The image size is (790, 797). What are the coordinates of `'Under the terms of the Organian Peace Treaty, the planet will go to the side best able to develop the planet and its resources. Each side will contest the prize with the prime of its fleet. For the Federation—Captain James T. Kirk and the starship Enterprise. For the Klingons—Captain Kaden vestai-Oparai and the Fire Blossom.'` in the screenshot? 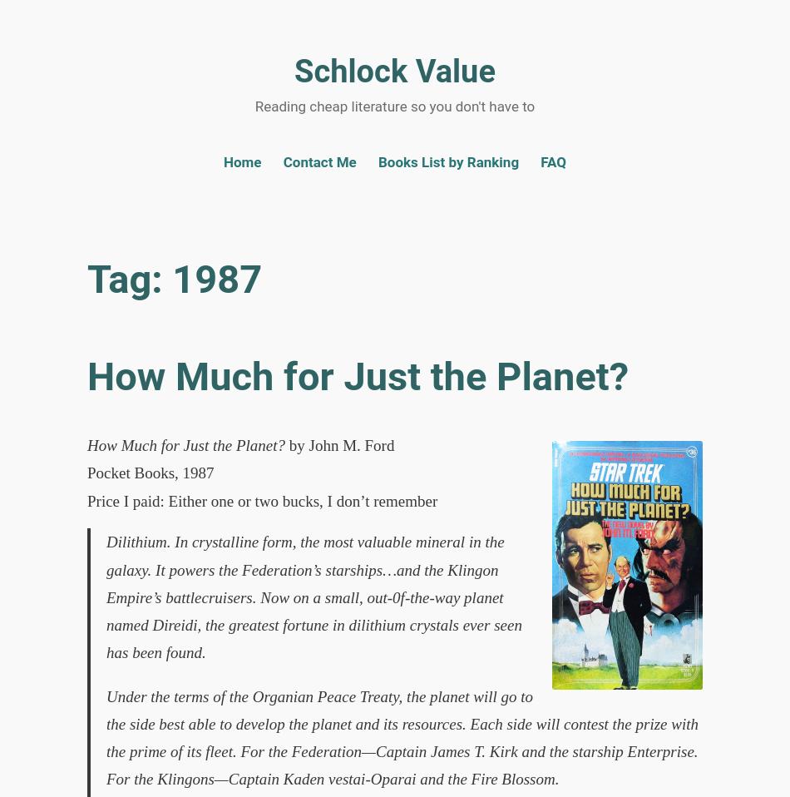 It's located at (106, 737).